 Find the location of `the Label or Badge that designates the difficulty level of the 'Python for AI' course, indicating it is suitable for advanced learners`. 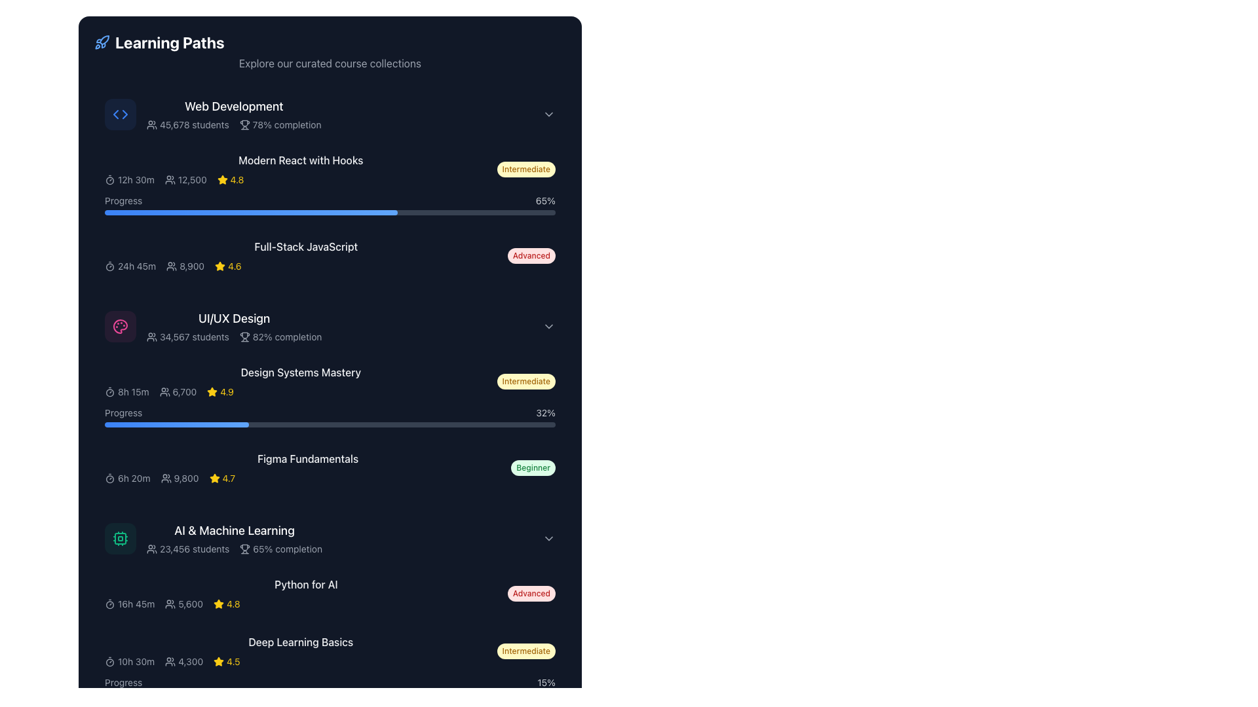

the Label or Badge that designates the difficulty level of the 'Python for AI' course, indicating it is suitable for advanced learners is located at coordinates (531, 593).